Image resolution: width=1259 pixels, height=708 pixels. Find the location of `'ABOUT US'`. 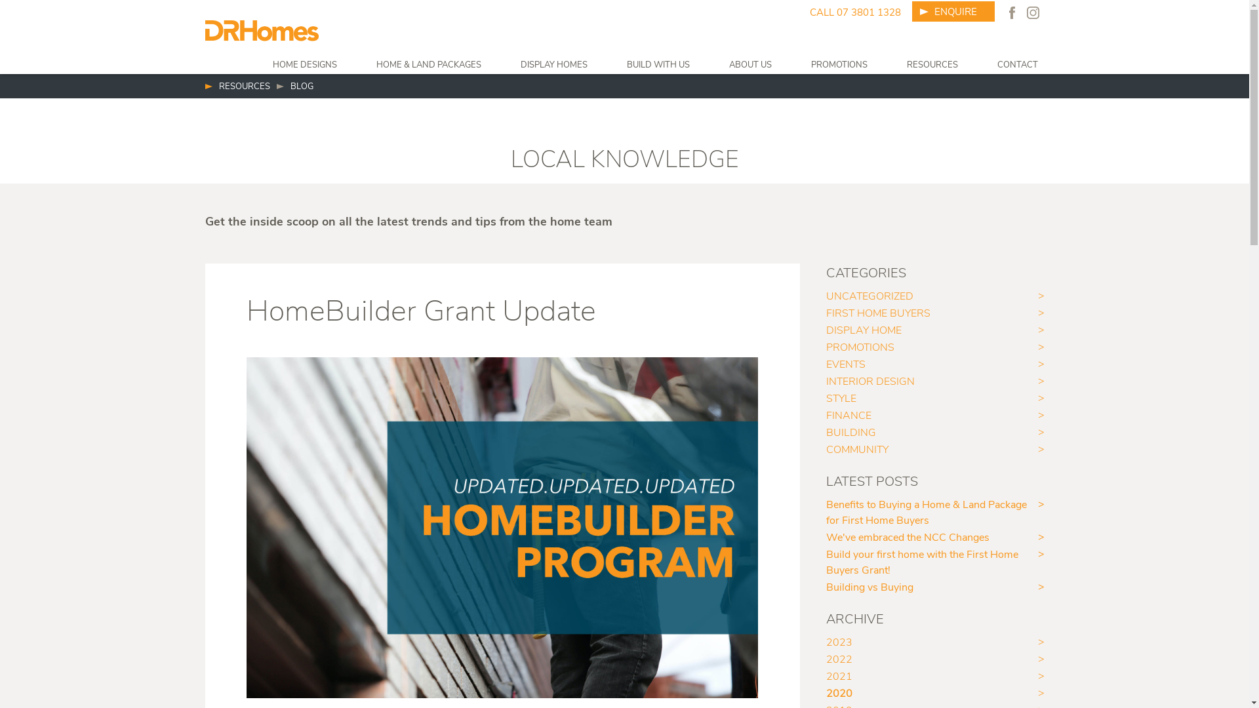

'ABOUT US' is located at coordinates (722, 66).